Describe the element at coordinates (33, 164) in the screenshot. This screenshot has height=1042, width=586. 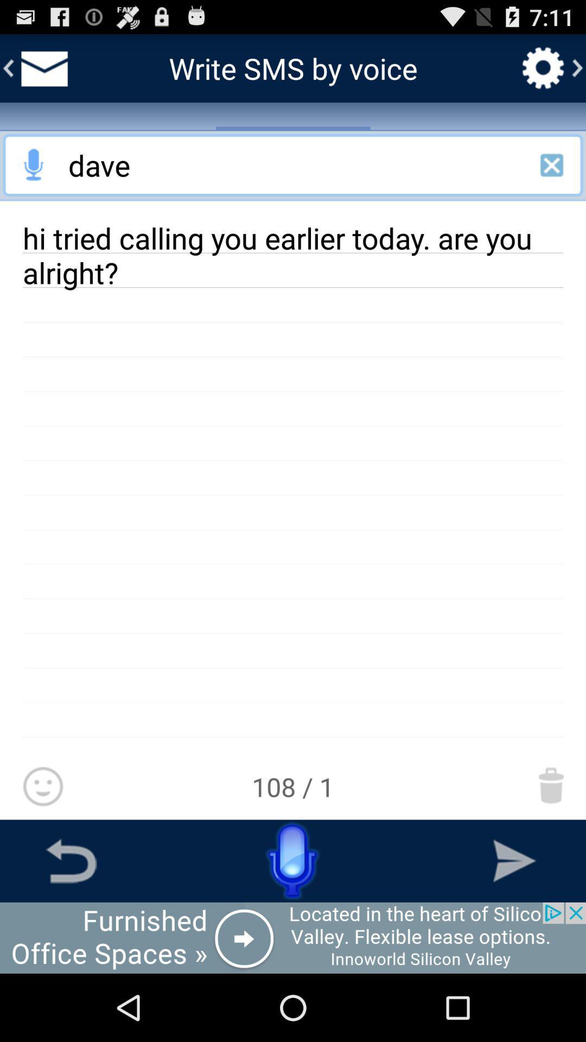
I see `in voice` at that location.